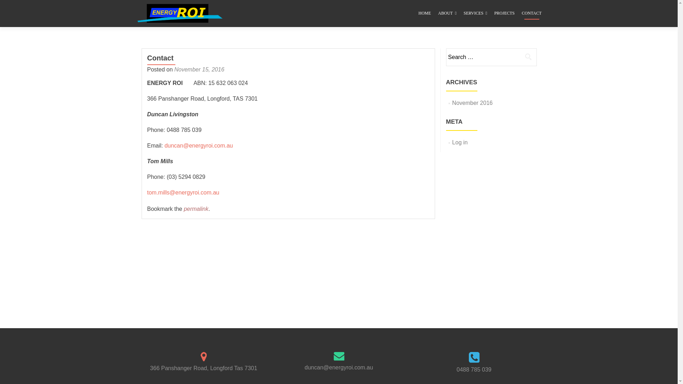 The height and width of the screenshot is (384, 683). Describe the element at coordinates (475, 13) in the screenshot. I see `'SERVICES'` at that location.